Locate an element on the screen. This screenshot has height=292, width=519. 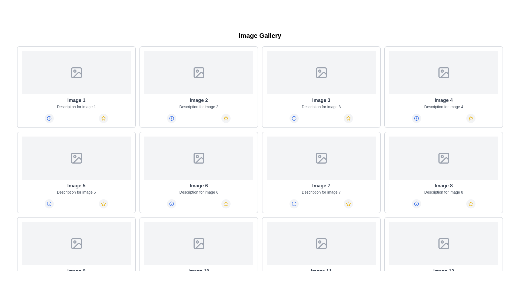
the image placeholder icon located within Image 8, which is part of a button-like widget in the grid layout is located at coordinates (444, 158).